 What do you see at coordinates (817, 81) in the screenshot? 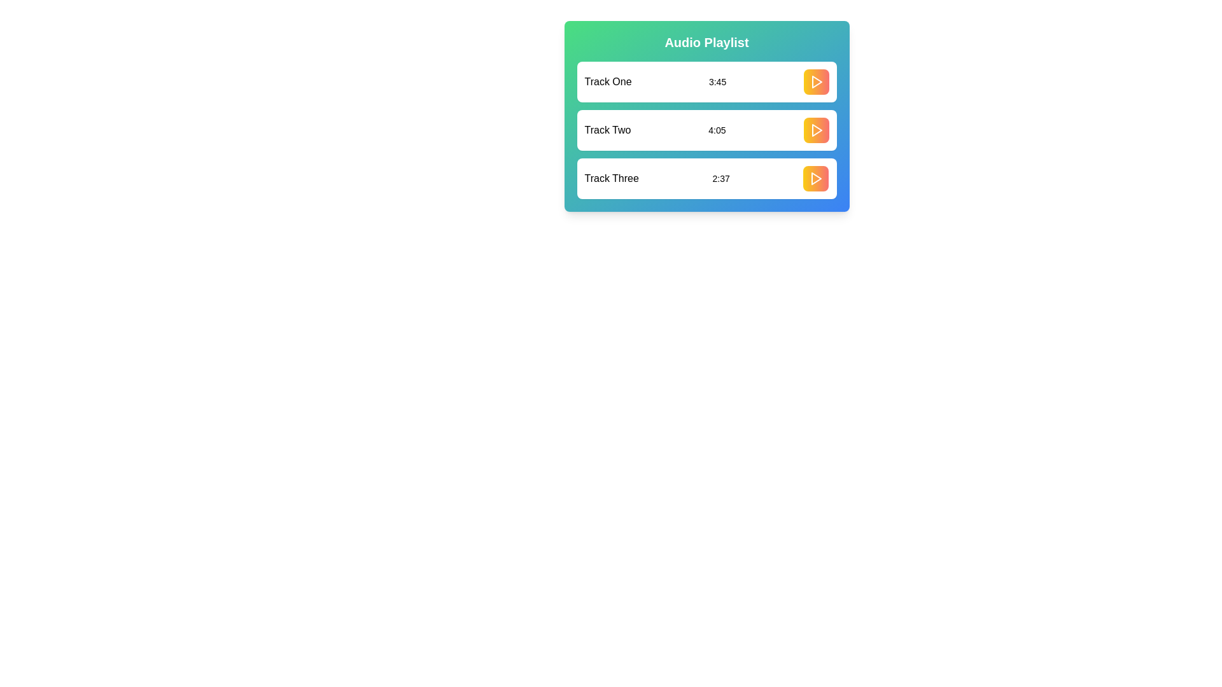
I see `the triangular 'play' icon with a gradient from orange to yellow, located within the button associated with 'Track One' in the playlist interface` at bounding box center [817, 81].